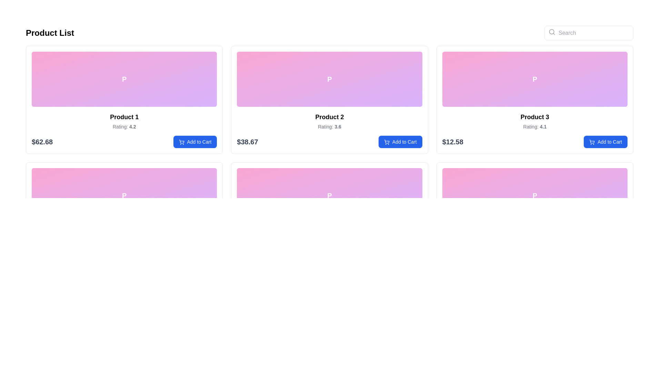  What do you see at coordinates (592, 142) in the screenshot?
I see `the decorative icon located to the left of the 'Add to Cart' text label inside the button of the third product card in the first row of the product grid` at bounding box center [592, 142].